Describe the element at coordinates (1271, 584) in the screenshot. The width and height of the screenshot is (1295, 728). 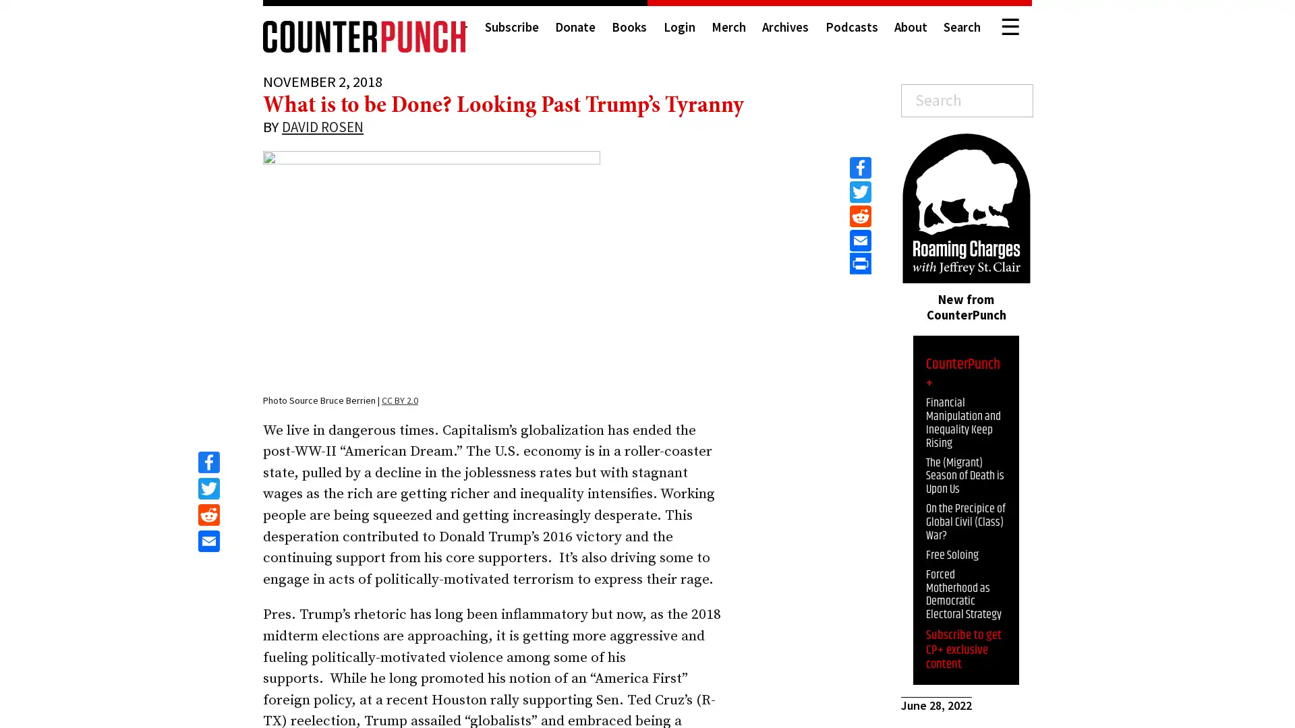
I see `Close` at that location.